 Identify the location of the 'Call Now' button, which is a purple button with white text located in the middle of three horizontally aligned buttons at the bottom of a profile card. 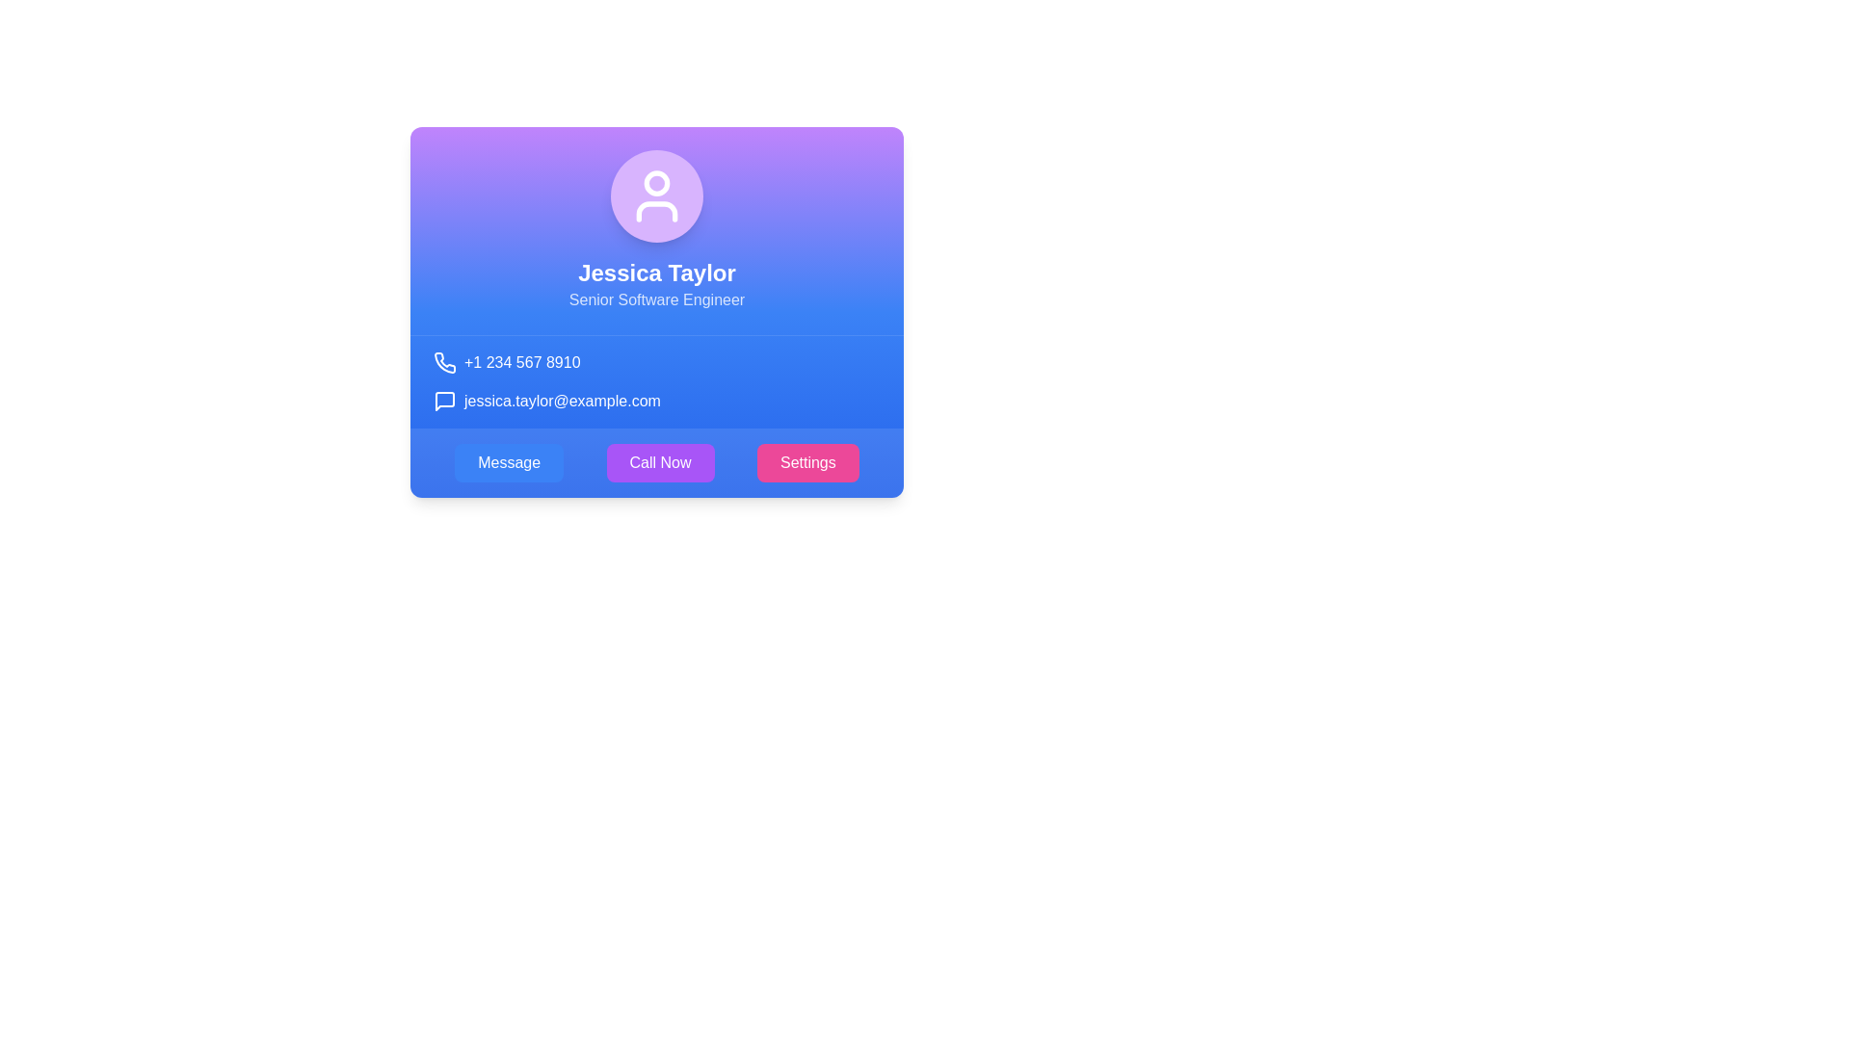
(660, 463).